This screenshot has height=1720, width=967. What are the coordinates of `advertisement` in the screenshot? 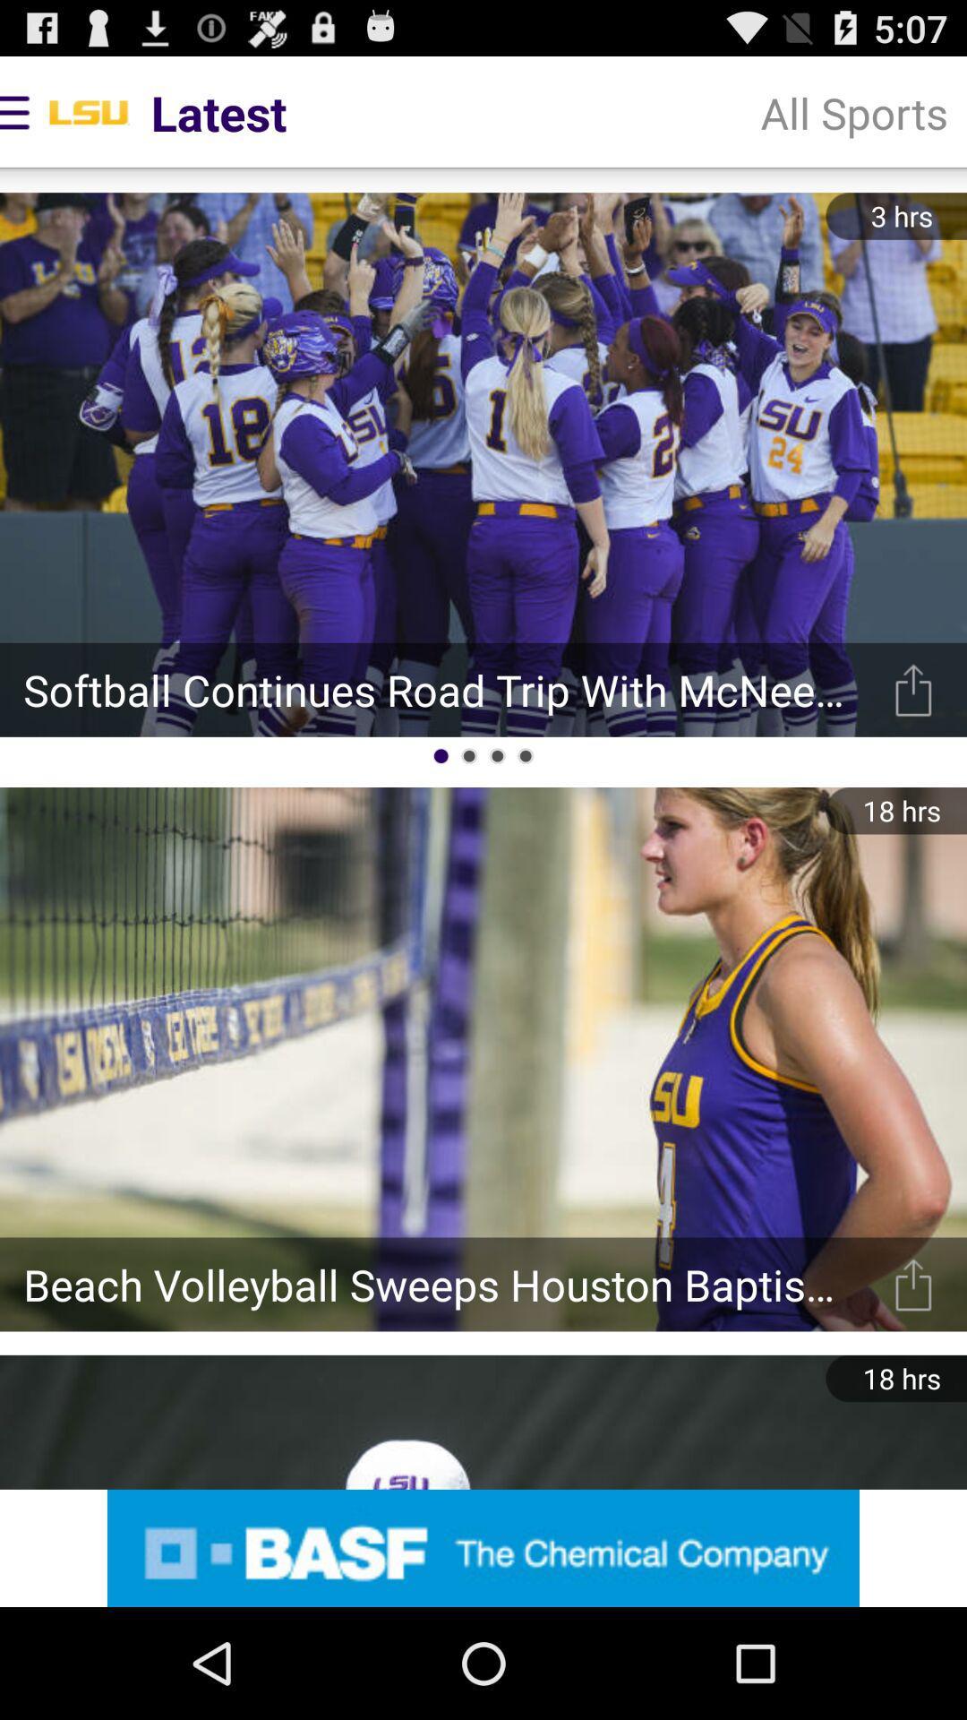 It's located at (483, 1547).